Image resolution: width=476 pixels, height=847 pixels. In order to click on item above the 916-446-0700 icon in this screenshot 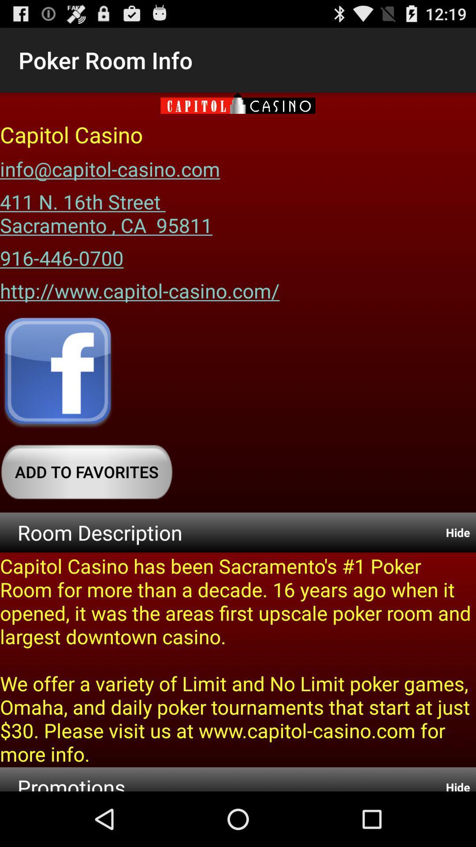, I will do `click(106, 210)`.